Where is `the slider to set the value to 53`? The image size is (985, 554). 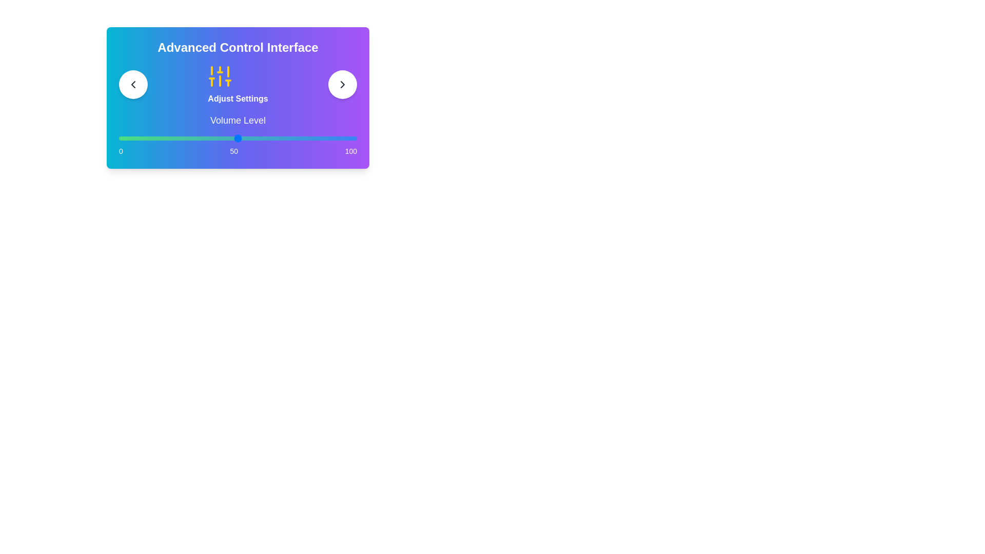 the slider to set the value to 53 is located at coordinates (244, 138).